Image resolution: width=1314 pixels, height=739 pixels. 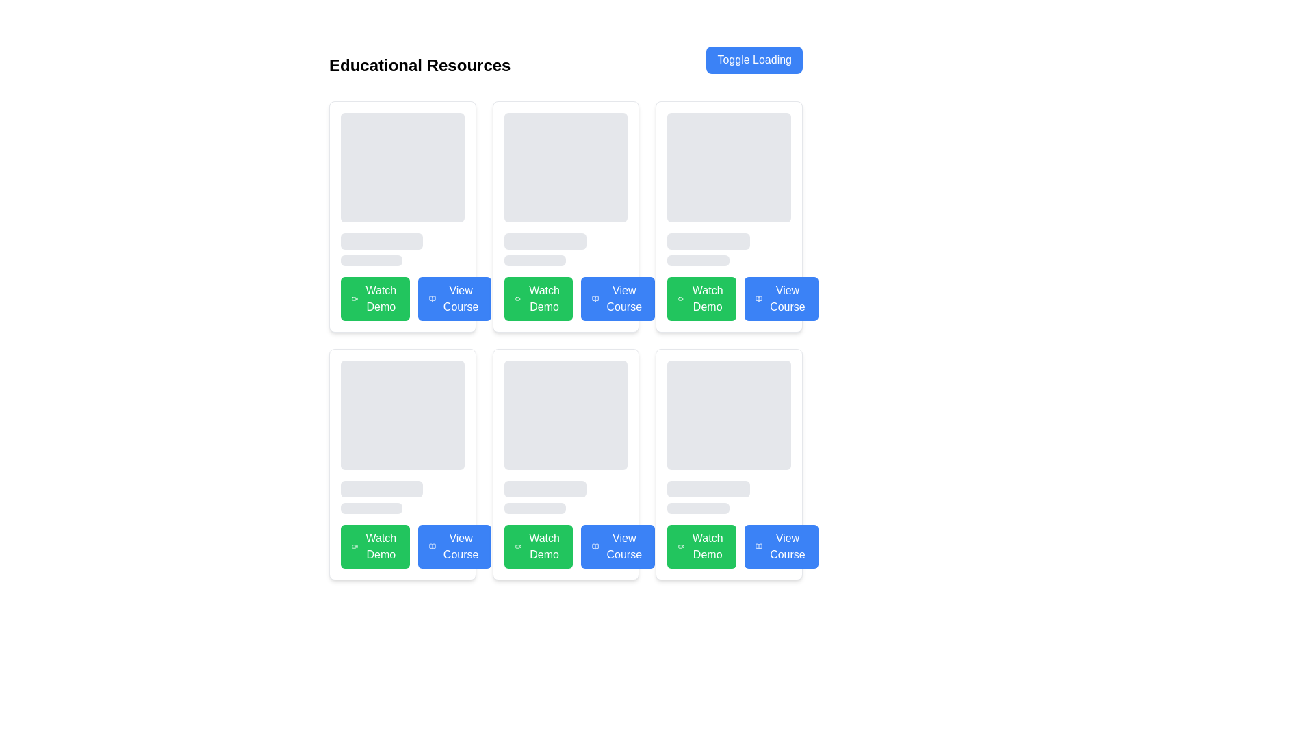 What do you see at coordinates (698, 508) in the screenshot?
I see `the Placeholder element (skeleton loader) located at the bottom of the second card from the right in the bottom row of a grid of cards` at bounding box center [698, 508].